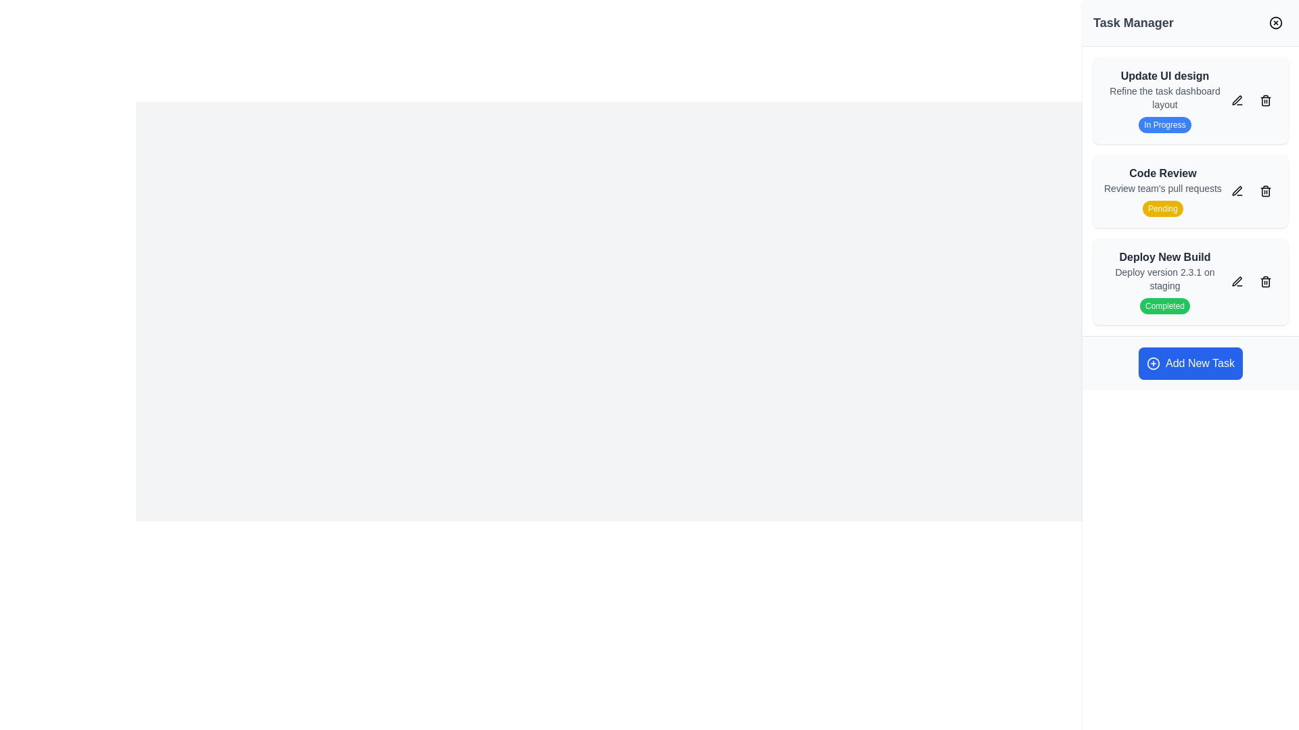 The width and height of the screenshot is (1299, 730). I want to click on the bold 'Task Manager' text label located at the top-left corner of the sidebar, which serves as a header for the panel, so click(1133, 23).